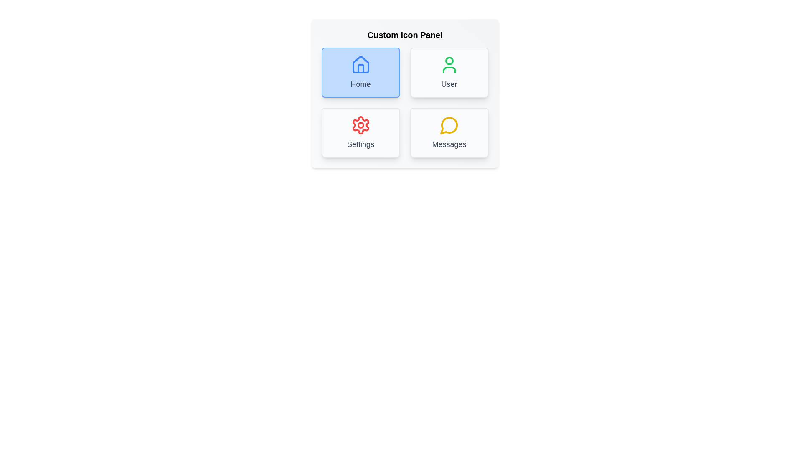  What do you see at coordinates (360, 132) in the screenshot?
I see `the Settings icon to observe its hover effect` at bounding box center [360, 132].